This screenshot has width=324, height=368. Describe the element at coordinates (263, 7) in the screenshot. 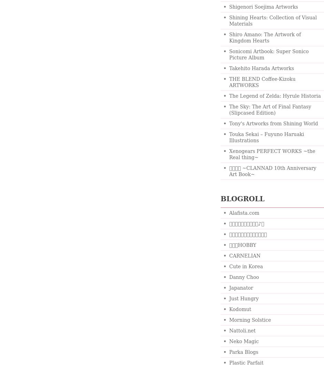

I see `'Shigenori Soejima Artworks'` at that location.